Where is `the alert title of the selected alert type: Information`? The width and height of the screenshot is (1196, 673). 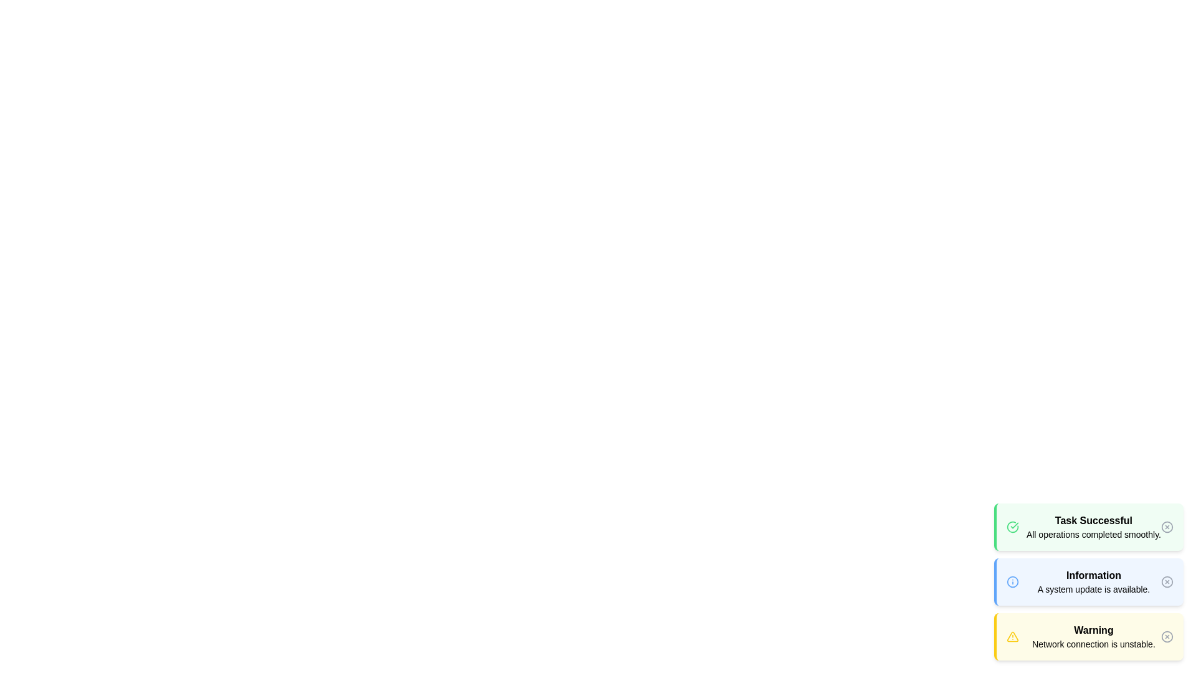 the alert title of the selected alert type: Information is located at coordinates (1093, 576).